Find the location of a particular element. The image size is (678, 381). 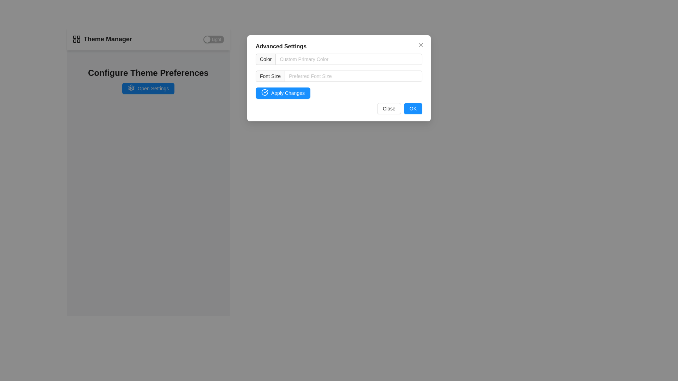

the toggle switch styled in a flat modern design with labels 'Dark' and 'Light', located in the top header area adjacent to 'Theme Manager' is located at coordinates (213, 39).